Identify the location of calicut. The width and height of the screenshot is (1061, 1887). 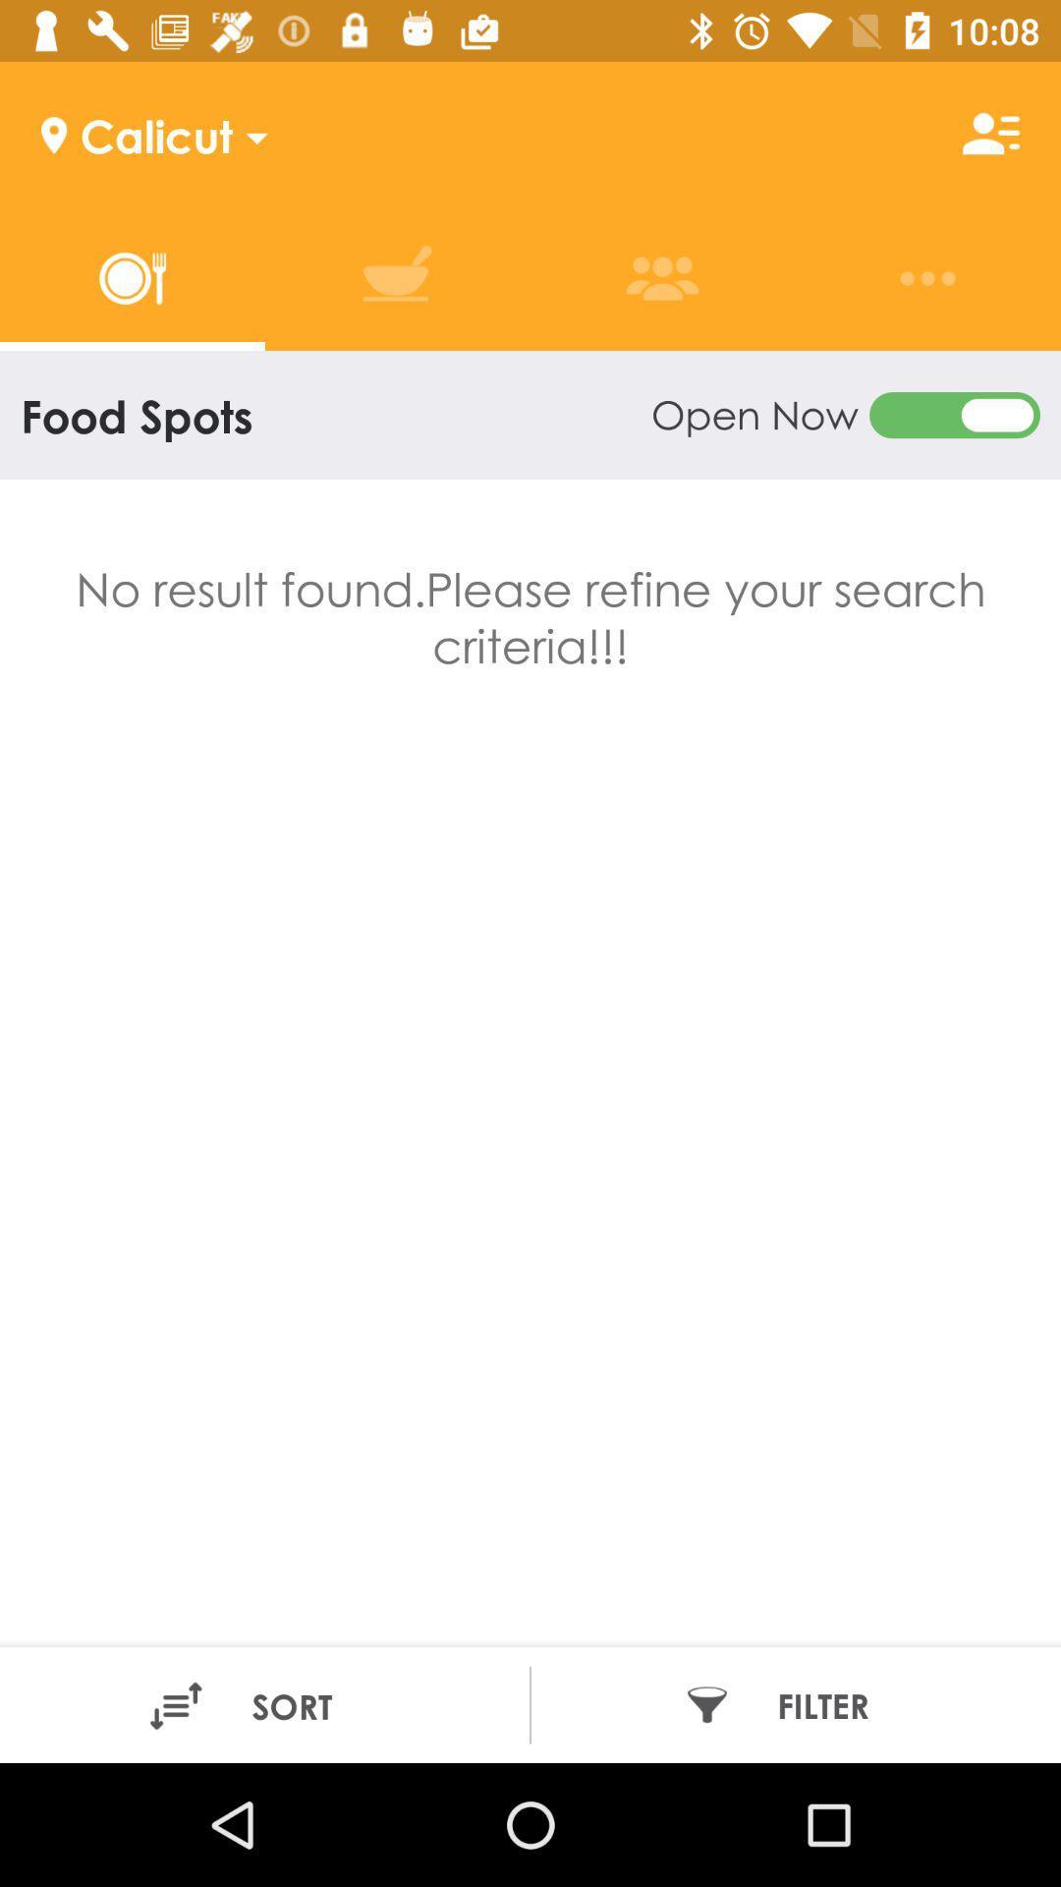
(136, 133).